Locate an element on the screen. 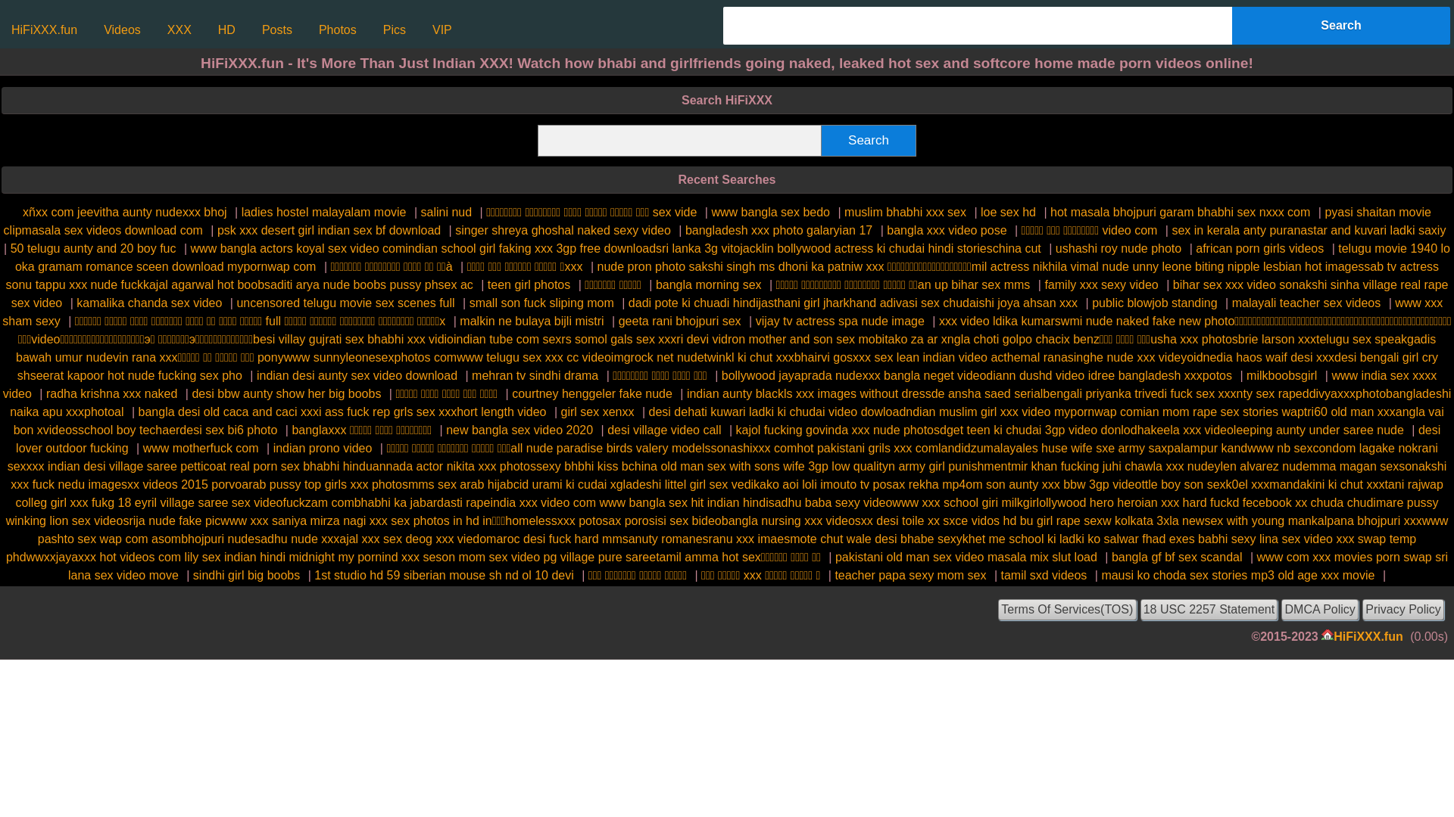 The height and width of the screenshot is (817, 1454). 'family xxx sexy video' is located at coordinates (1043, 284).